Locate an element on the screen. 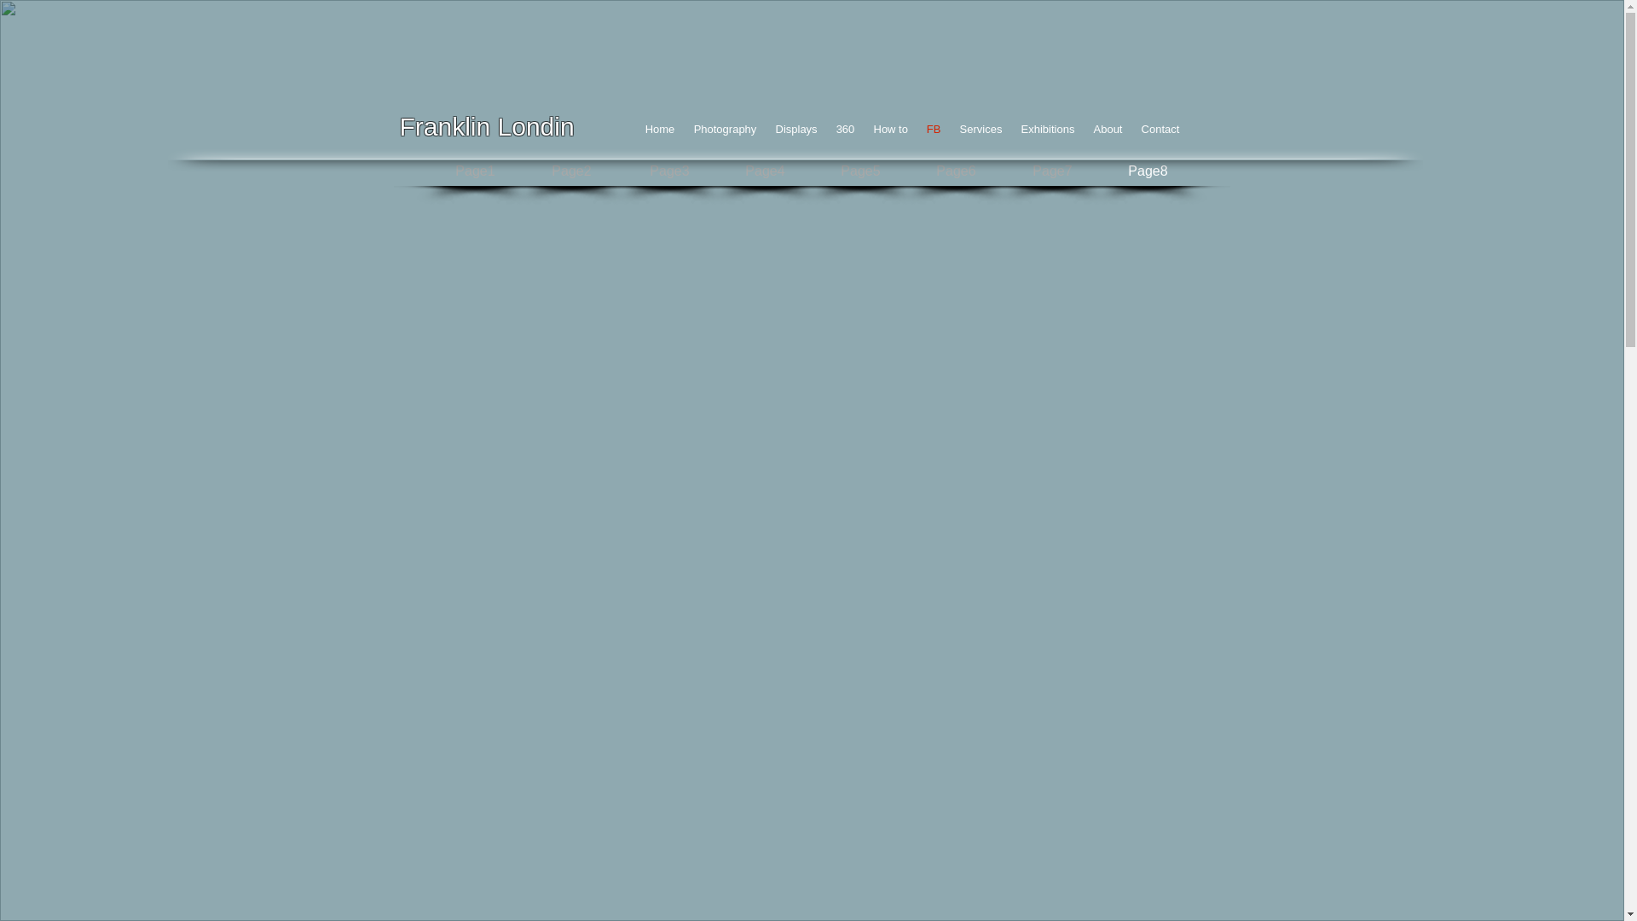 The image size is (1637, 921). 'Page1' is located at coordinates (474, 171).